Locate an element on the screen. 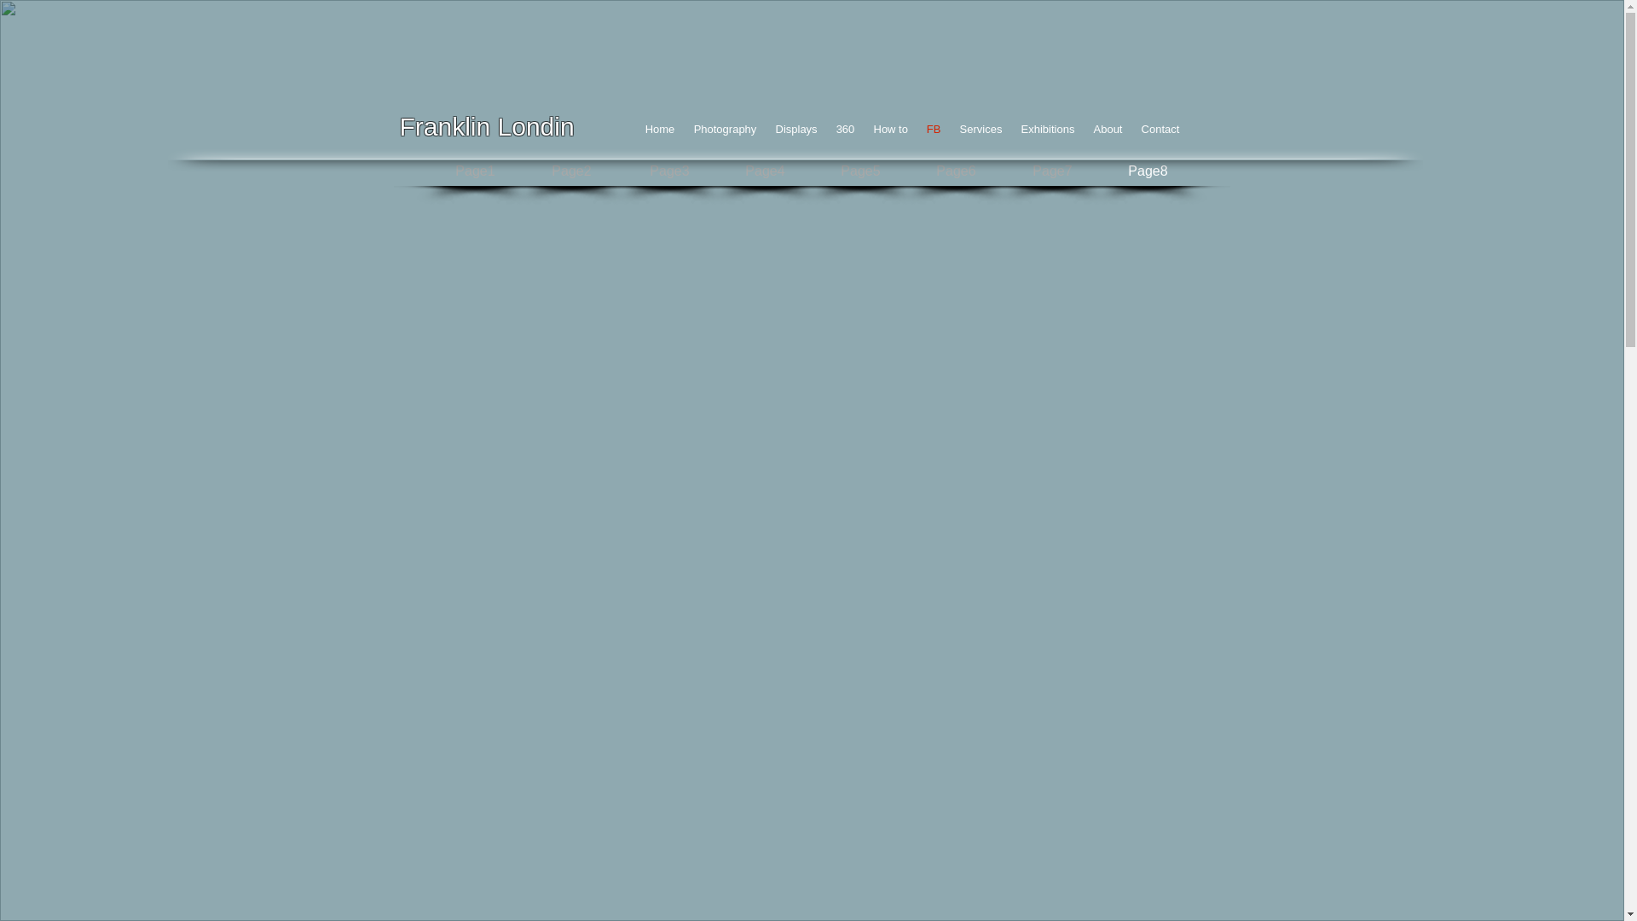 The image size is (1637, 921). 'Page1' is located at coordinates (474, 171).